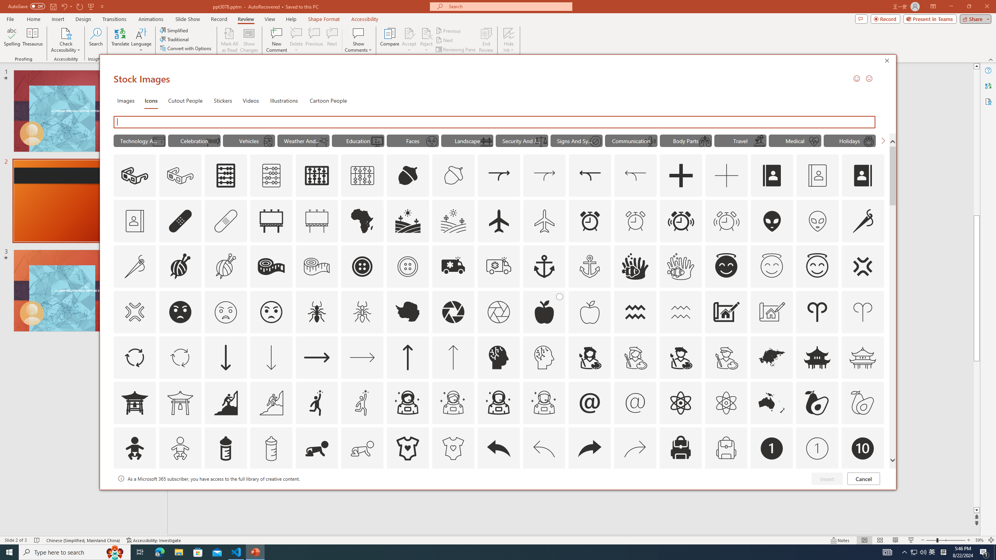  Describe the element at coordinates (772, 175) in the screenshot. I see `'AutomationID: Icons_AddressBook_LTR'` at that location.